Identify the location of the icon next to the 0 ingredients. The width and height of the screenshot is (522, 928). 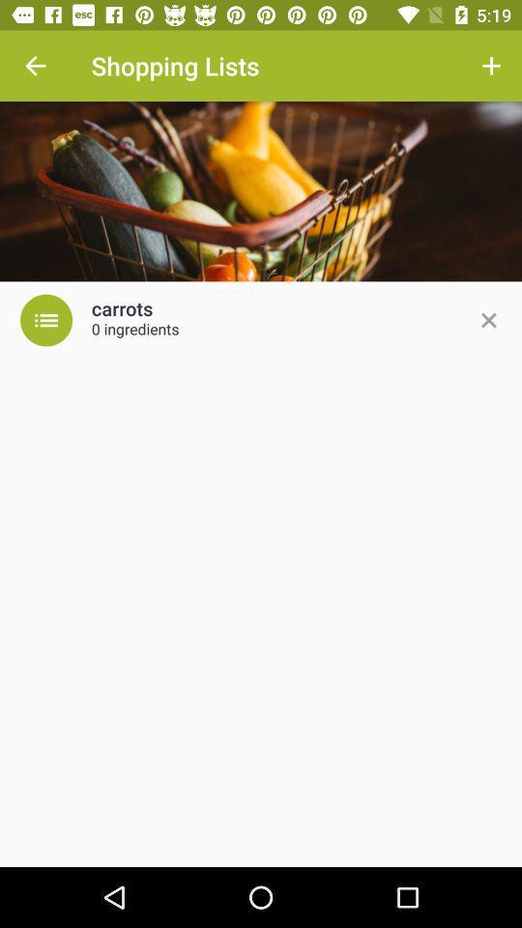
(487, 320).